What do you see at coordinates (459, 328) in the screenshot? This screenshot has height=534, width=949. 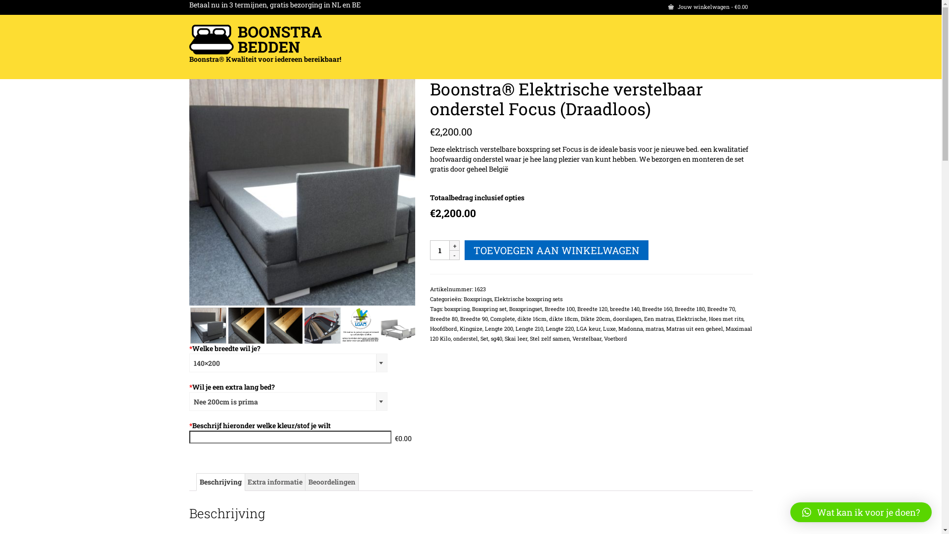 I see `'Kingsize'` at bounding box center [459, 328].